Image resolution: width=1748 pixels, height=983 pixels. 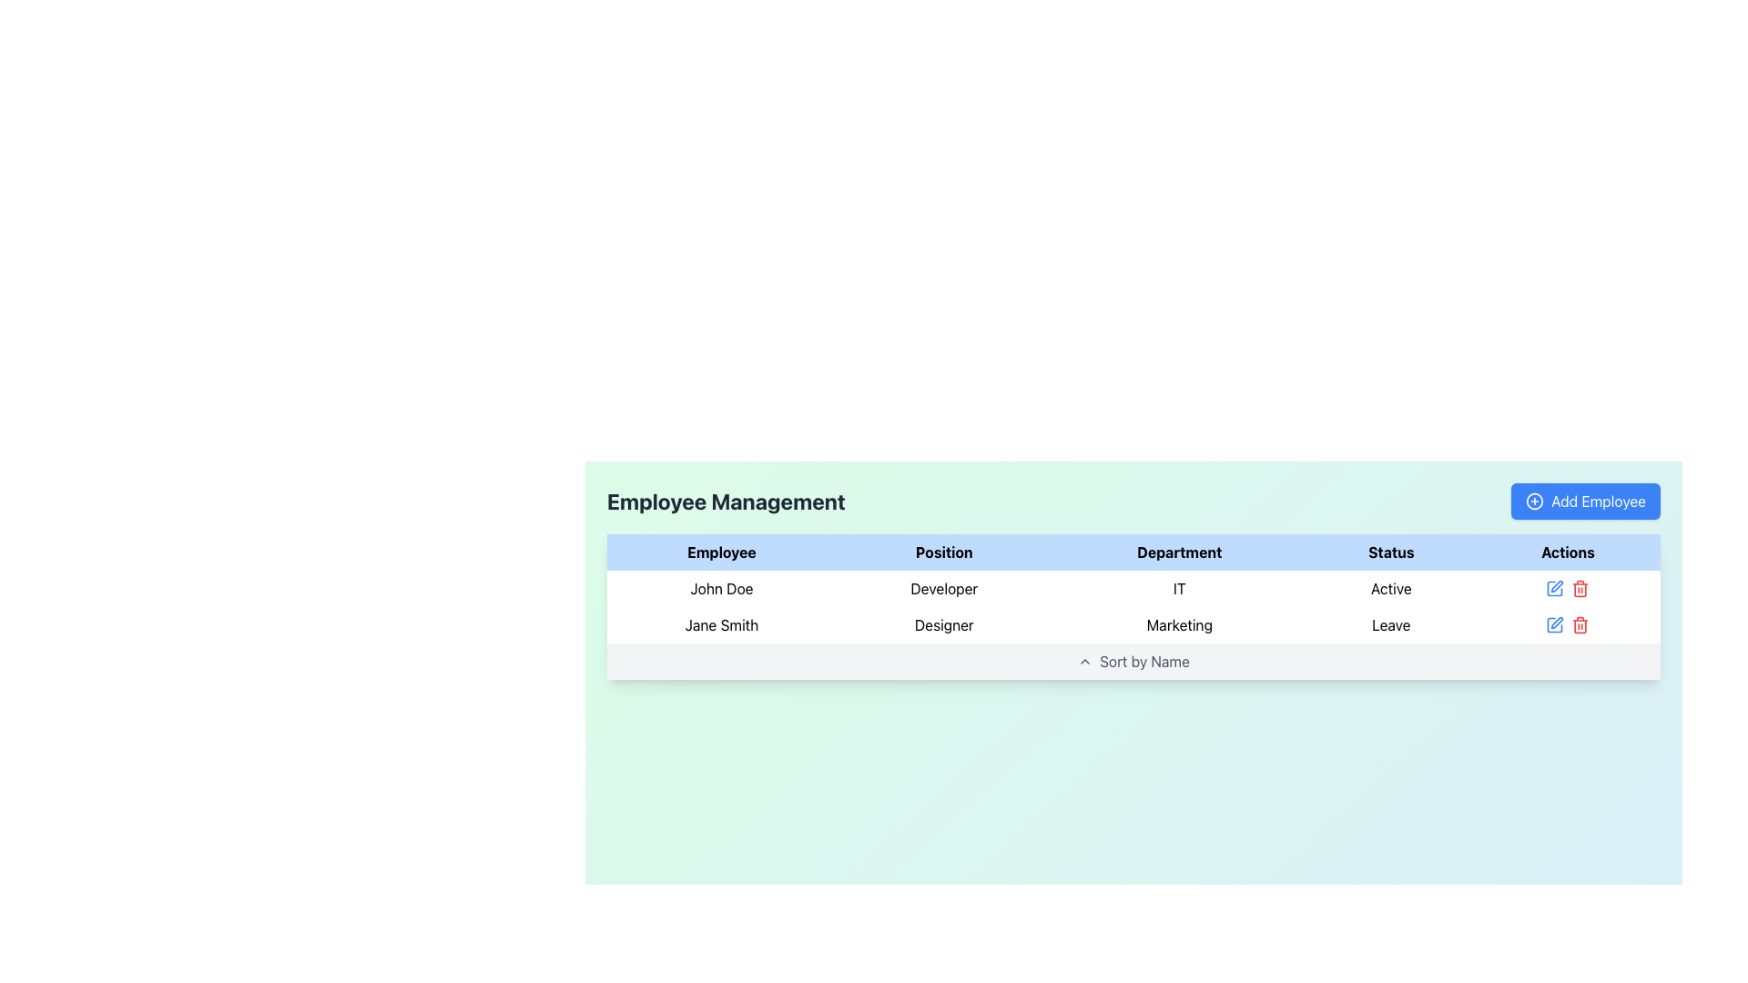 I want to click on the upward-facing chevron icon located to the left of the 'Sort by Name' text, so click(x=1084, y=661).